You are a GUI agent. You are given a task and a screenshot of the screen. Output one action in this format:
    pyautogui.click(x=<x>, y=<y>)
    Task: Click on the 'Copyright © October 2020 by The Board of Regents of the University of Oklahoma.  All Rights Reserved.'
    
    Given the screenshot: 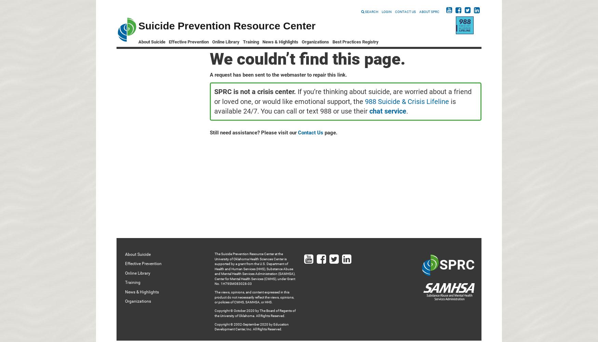 What is the action you would take?
    pyautogui.click(x=255, y=313)
    